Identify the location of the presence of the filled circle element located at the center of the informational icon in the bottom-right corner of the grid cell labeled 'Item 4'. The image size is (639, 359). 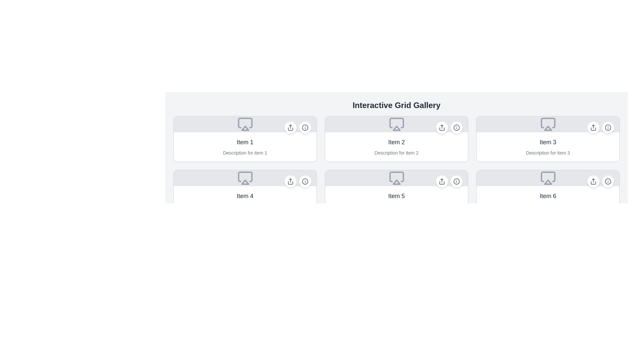
(305, 181).